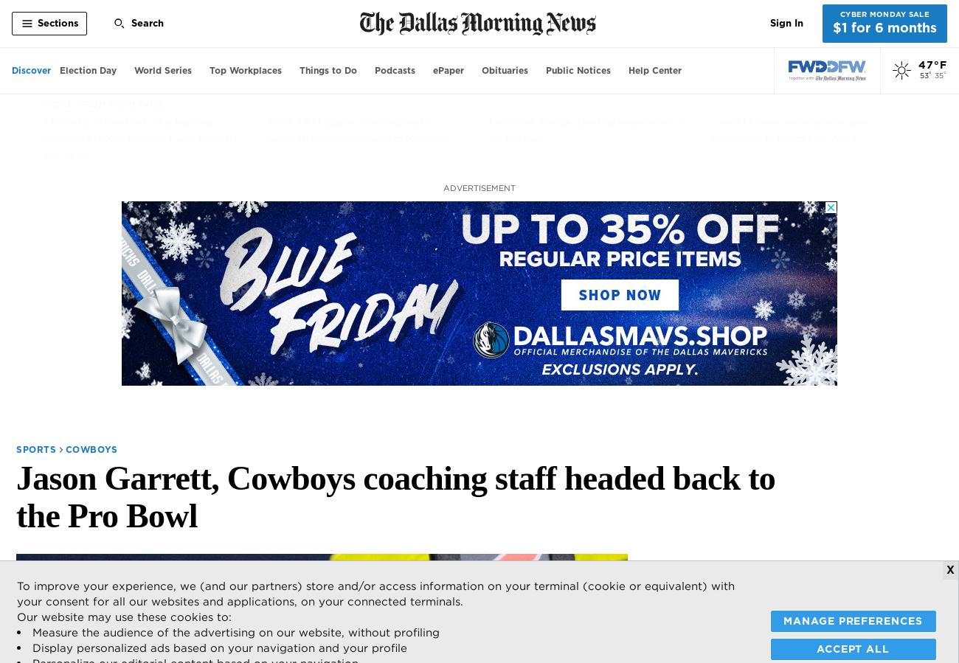 The height and width of the screenshot is (663, 959). I want to click on 'Notices', so click(592, 69).